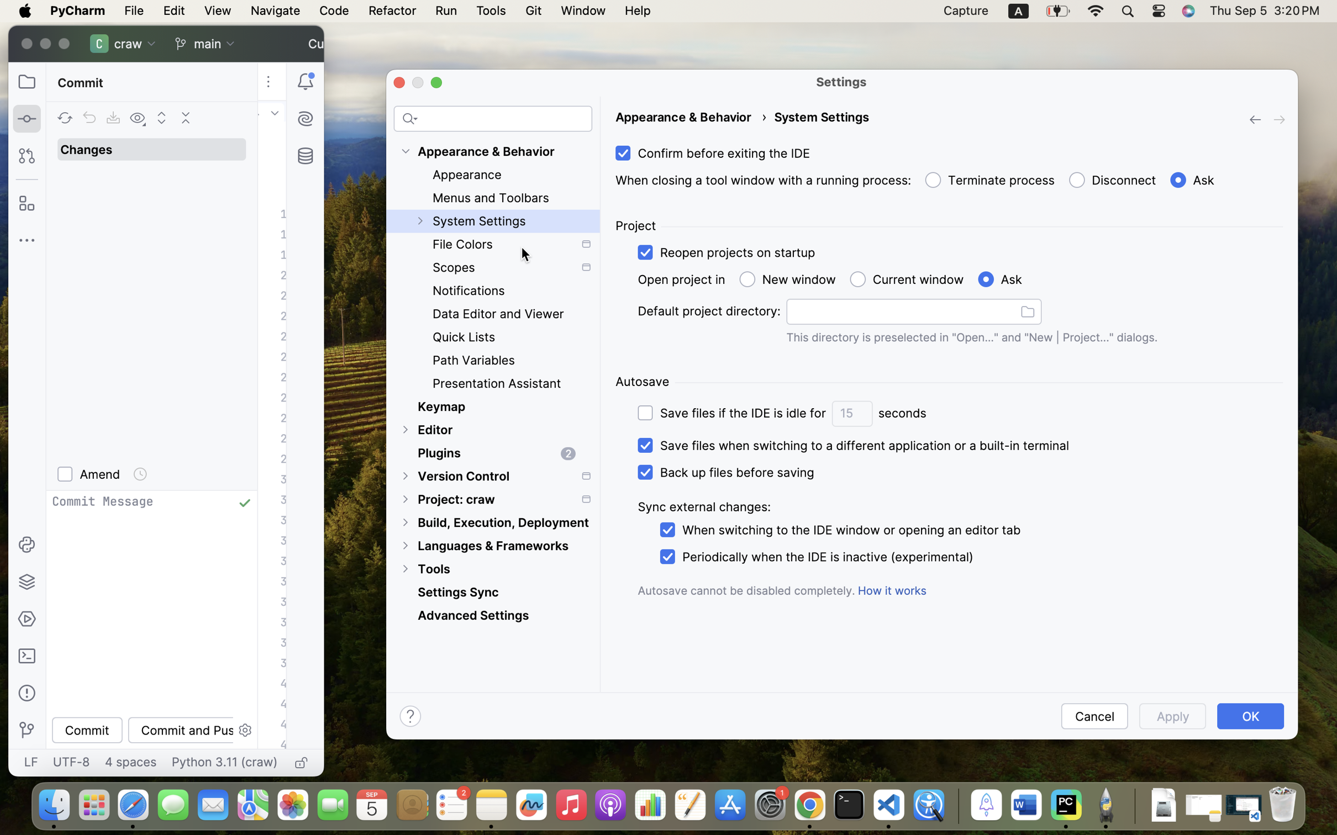 The width and height of the screenshot is (1337, 835). Describe the element at coordinates (642, 381) in the screenshot. I see `'Autosave'` at that location.